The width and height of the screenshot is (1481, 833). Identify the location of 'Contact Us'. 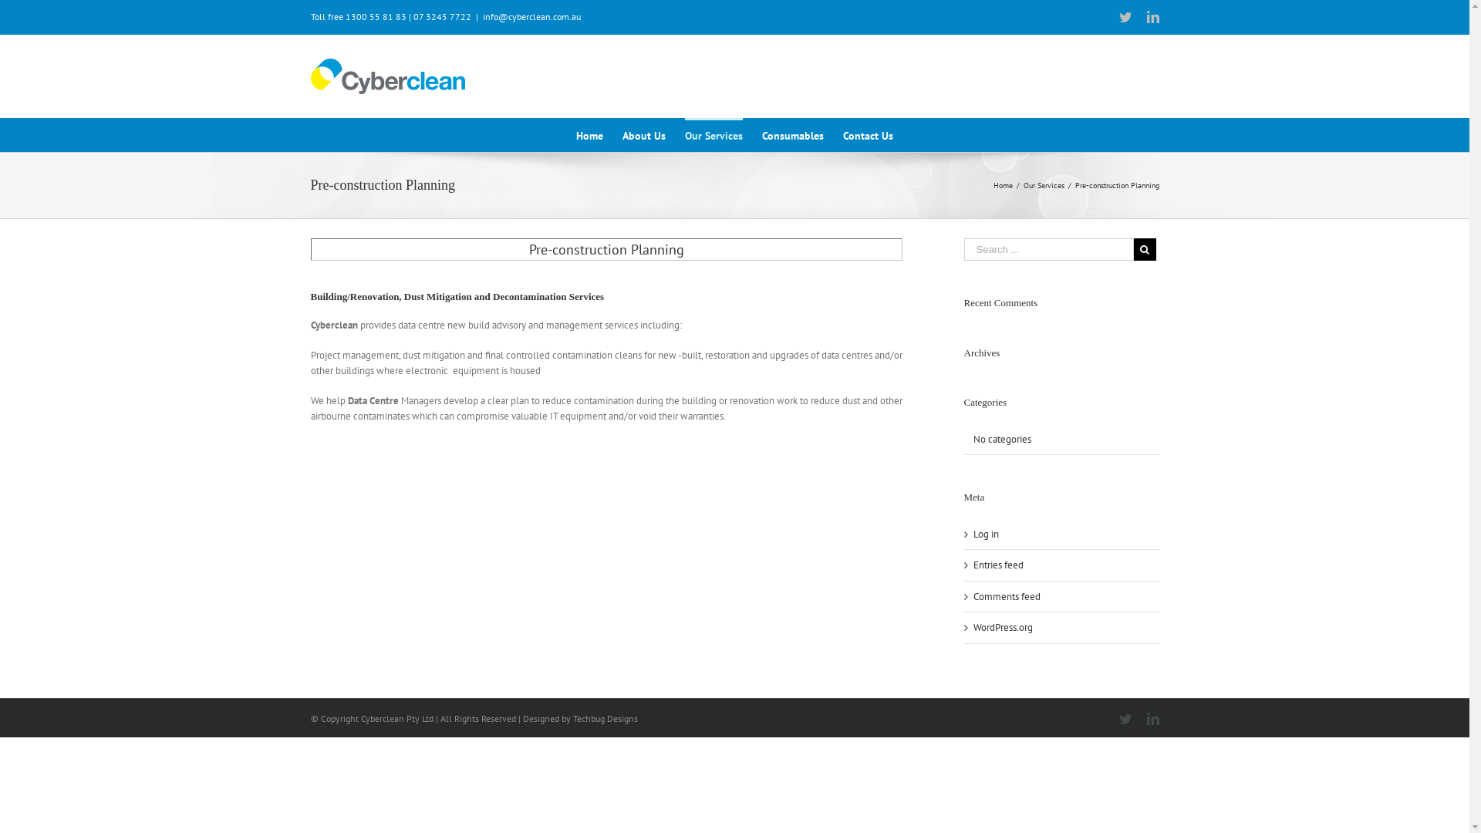
(868, 133).